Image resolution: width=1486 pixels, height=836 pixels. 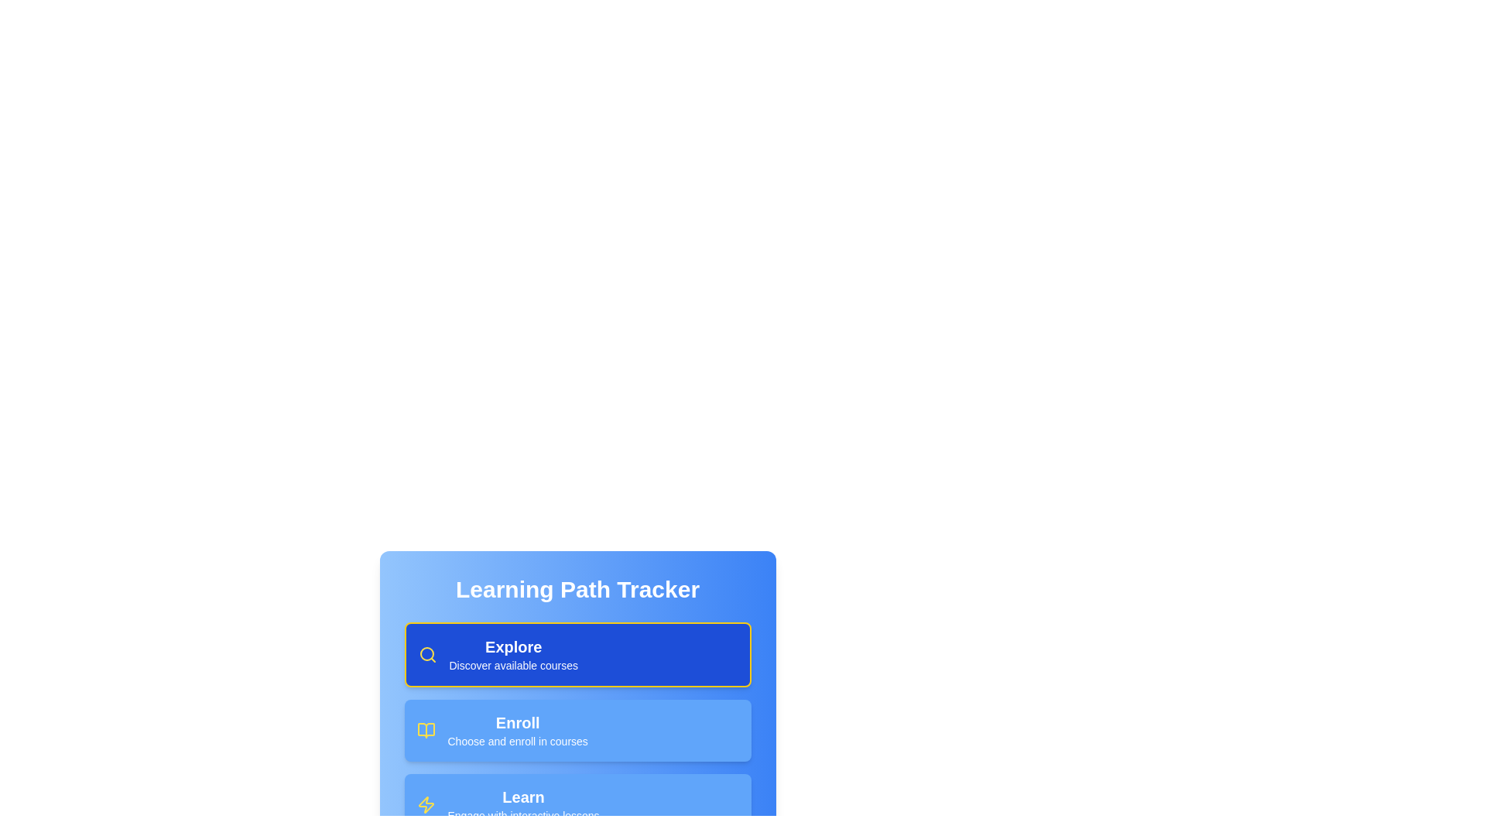 I want to click on the small yellow open book icon located to the left of the 'Enroll' button, which is labeled 'Choose and enroll in courses', so click(x=426, y=731).